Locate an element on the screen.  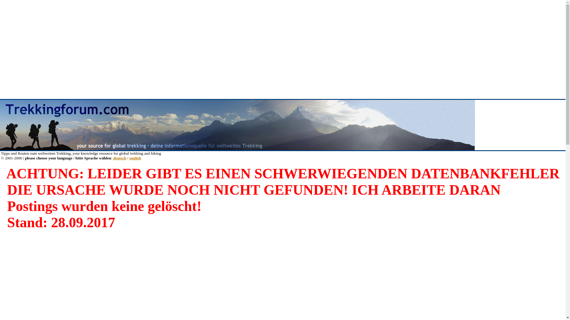
'deutsch' is located at coordinates (119, 158).